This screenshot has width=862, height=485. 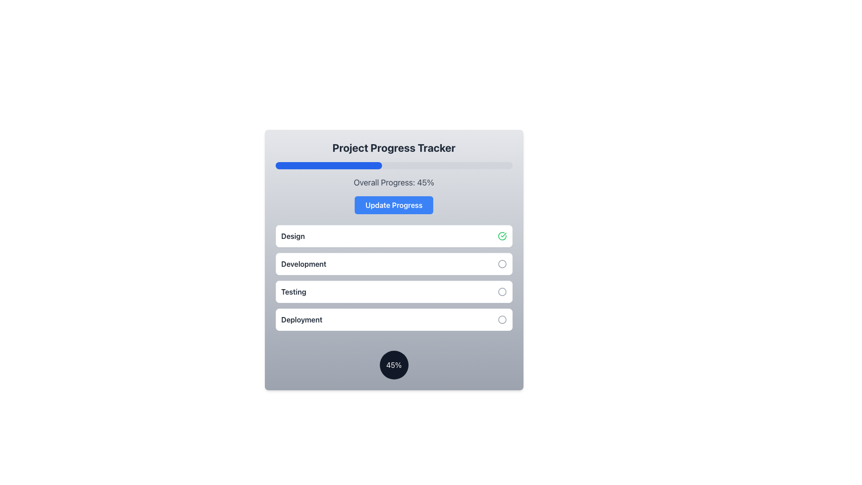 I want to click on the circular gray status icon located in the 'Testing' row, which is the third status indicator in the list, so click(x=501, y=292).